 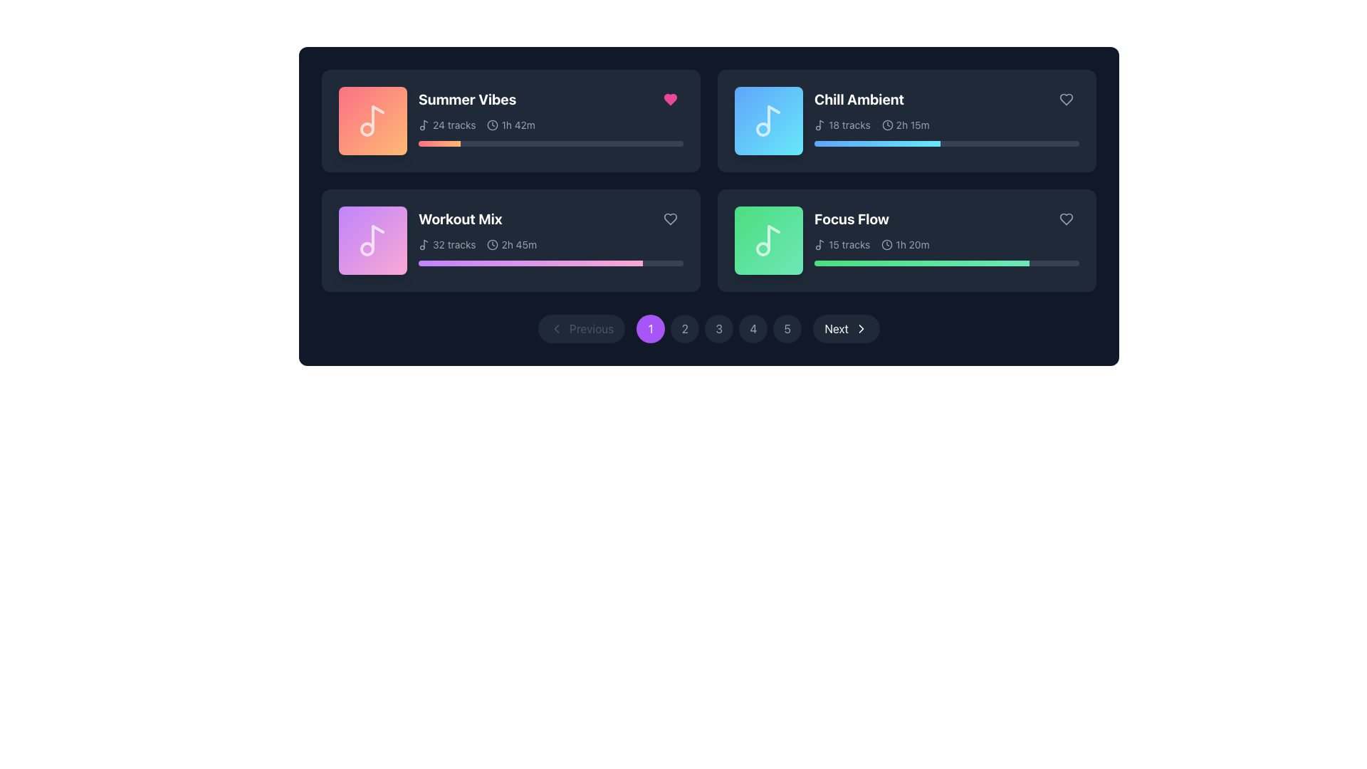 What do you see at coordinates (1066, 98) in the screenshot?
I see `the 'like' or 'favorite' heart icon located at the top right corner of the 'Chill Ambient' track card` at bounding box center [1066, 98].